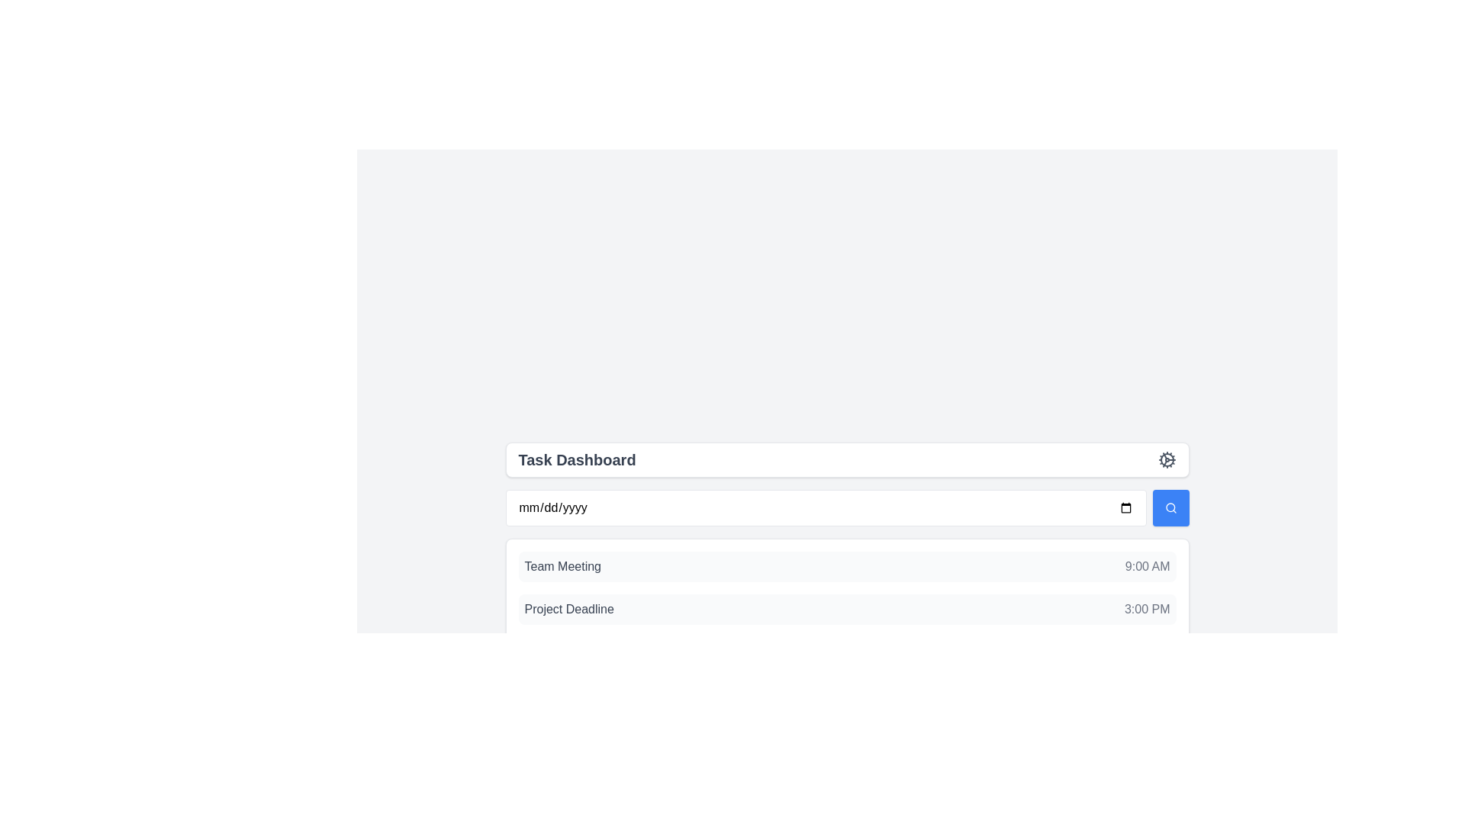 The width and height of the screenshot is (1465, 824). Describe the element at coordinates (846, 608) in the screenshot. I see `the second list item in the 'Task Dashboard' that displays a task or event description and its corresponding time, located below 'Team Meeting' and above 'Call with Client'` at that location.